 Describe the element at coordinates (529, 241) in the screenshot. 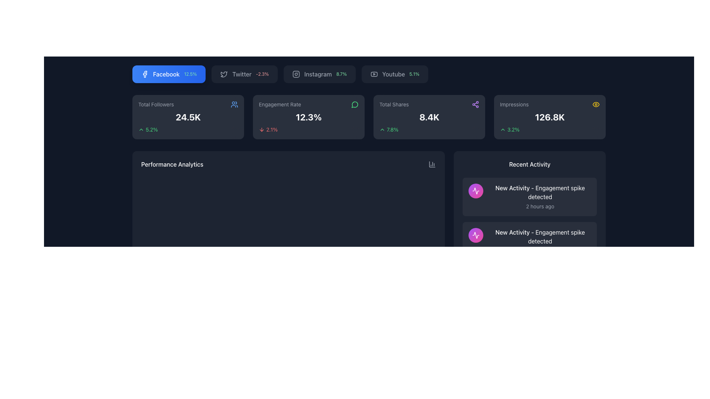

I see `the second notification item in the 'Recent Activity' panel, which features a dark background, a gradient icon on the left, and the text 'New Activity - Engagement spike detected'` at that location.